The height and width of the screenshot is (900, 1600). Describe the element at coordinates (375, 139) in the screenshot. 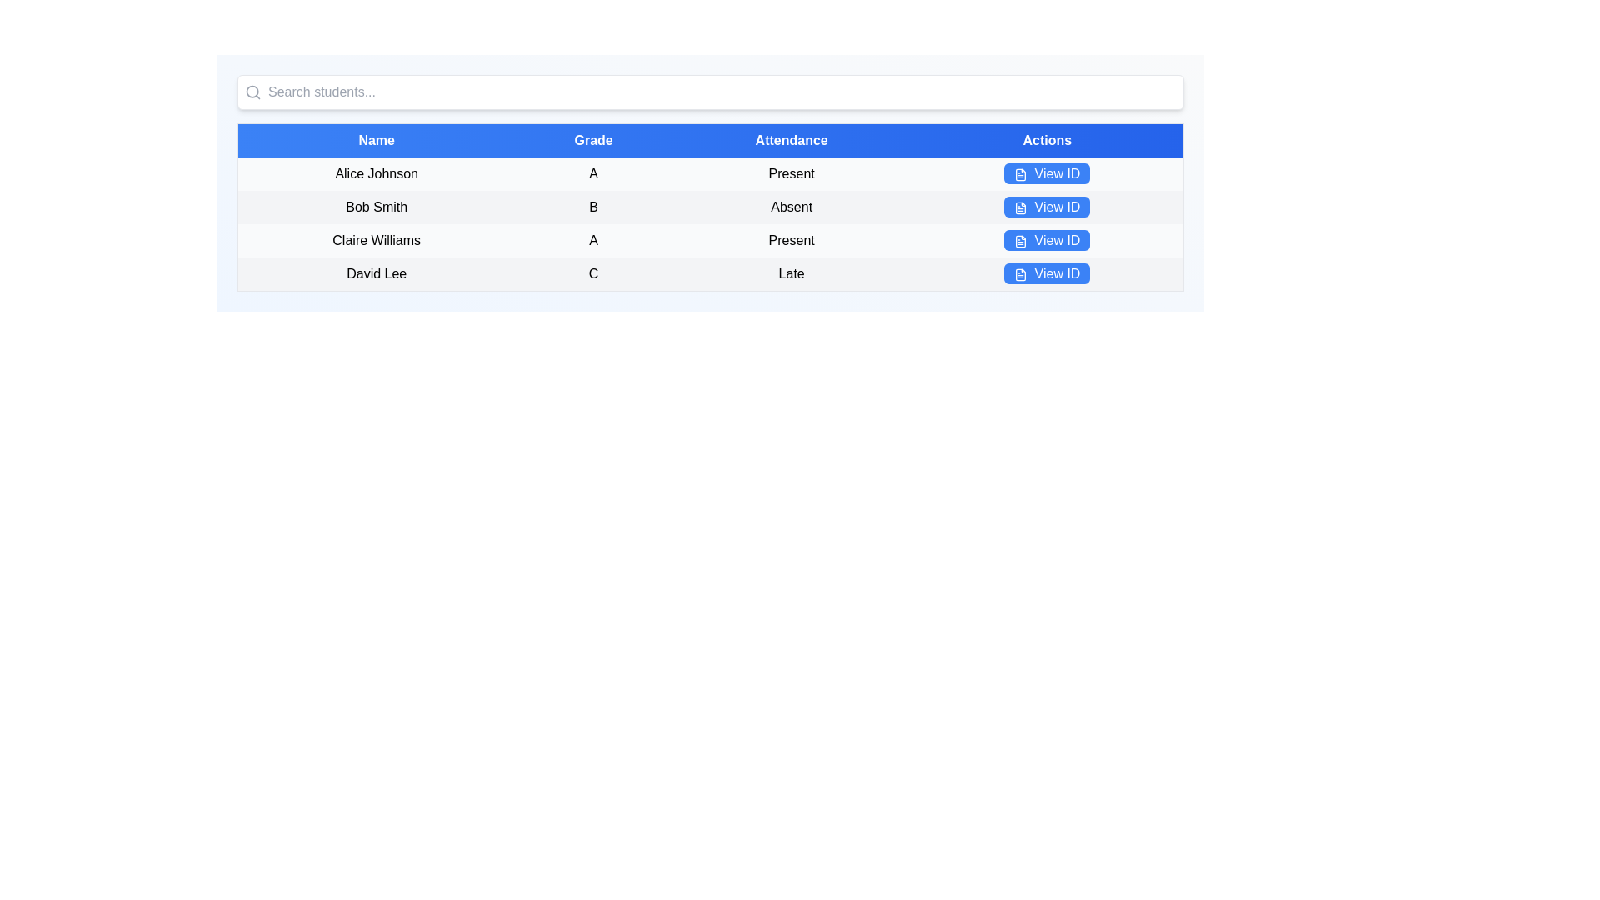

I see `the Header Label indicating student names, which is the first of four headers in a row aligned with 'Grade', 'Attendance', and 'Actions'` at that location.